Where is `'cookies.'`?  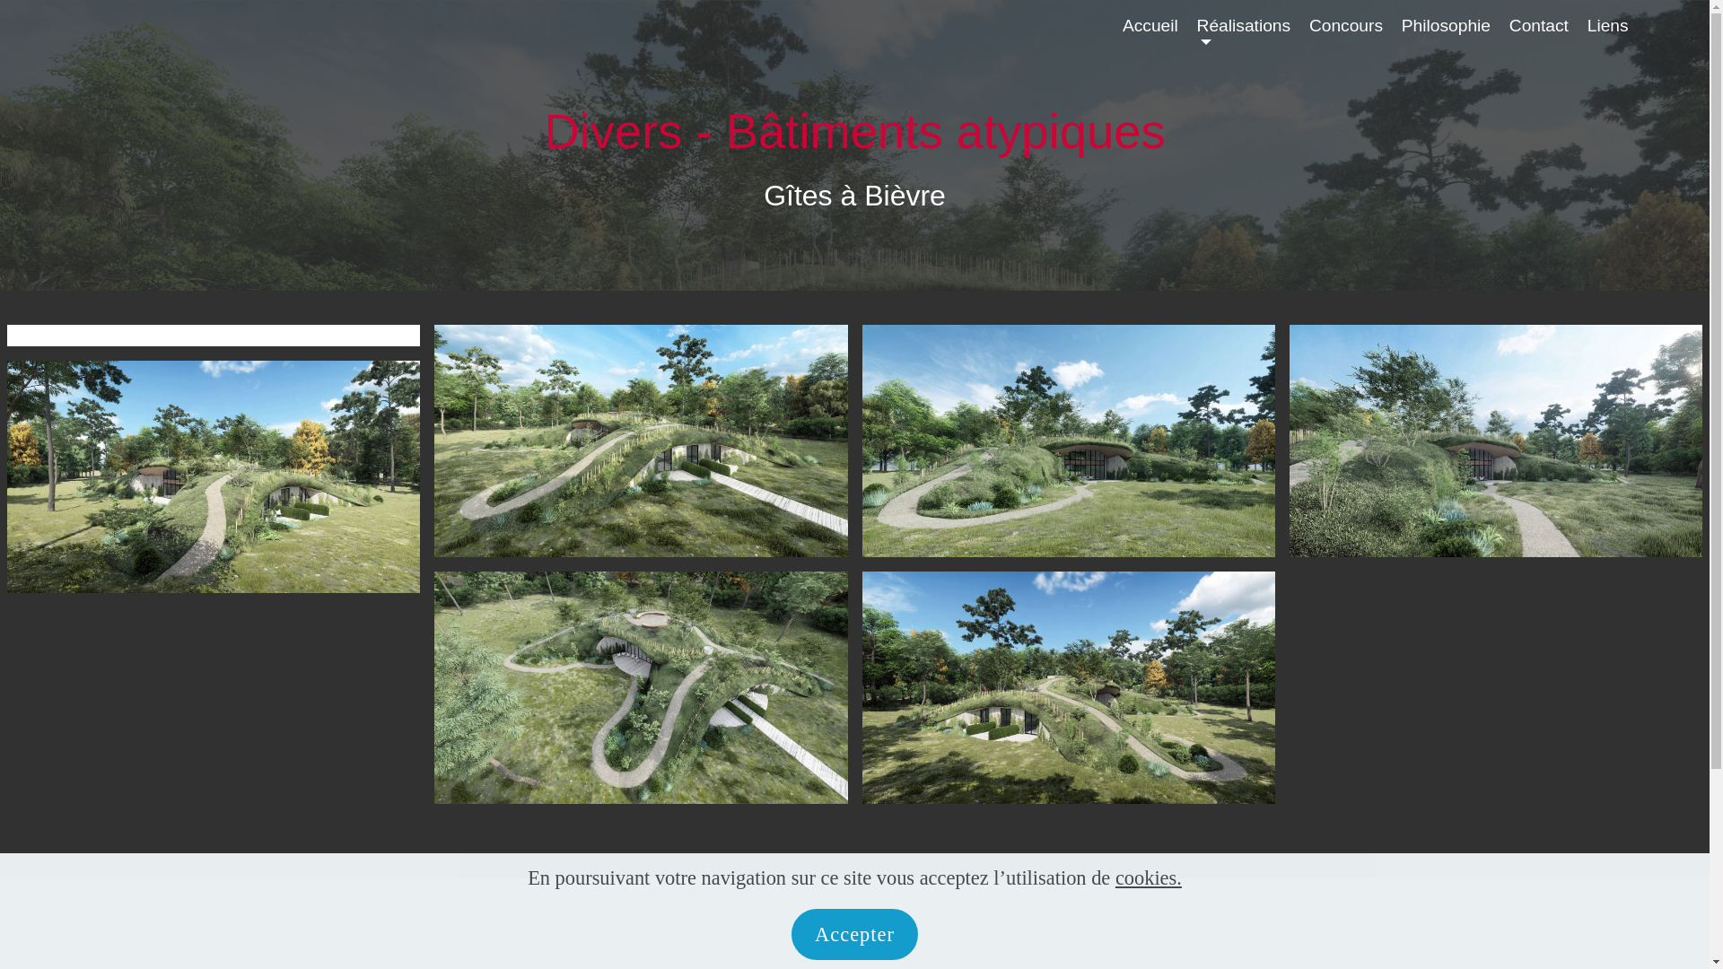
'cookies.' is located at coordinates (1115, 877).